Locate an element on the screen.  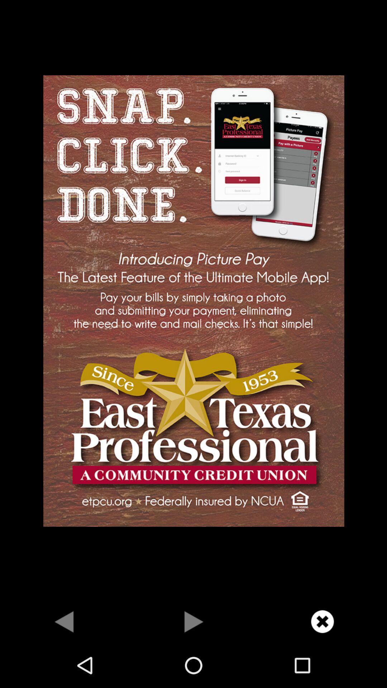
delate is located at coordinates (322, 621).